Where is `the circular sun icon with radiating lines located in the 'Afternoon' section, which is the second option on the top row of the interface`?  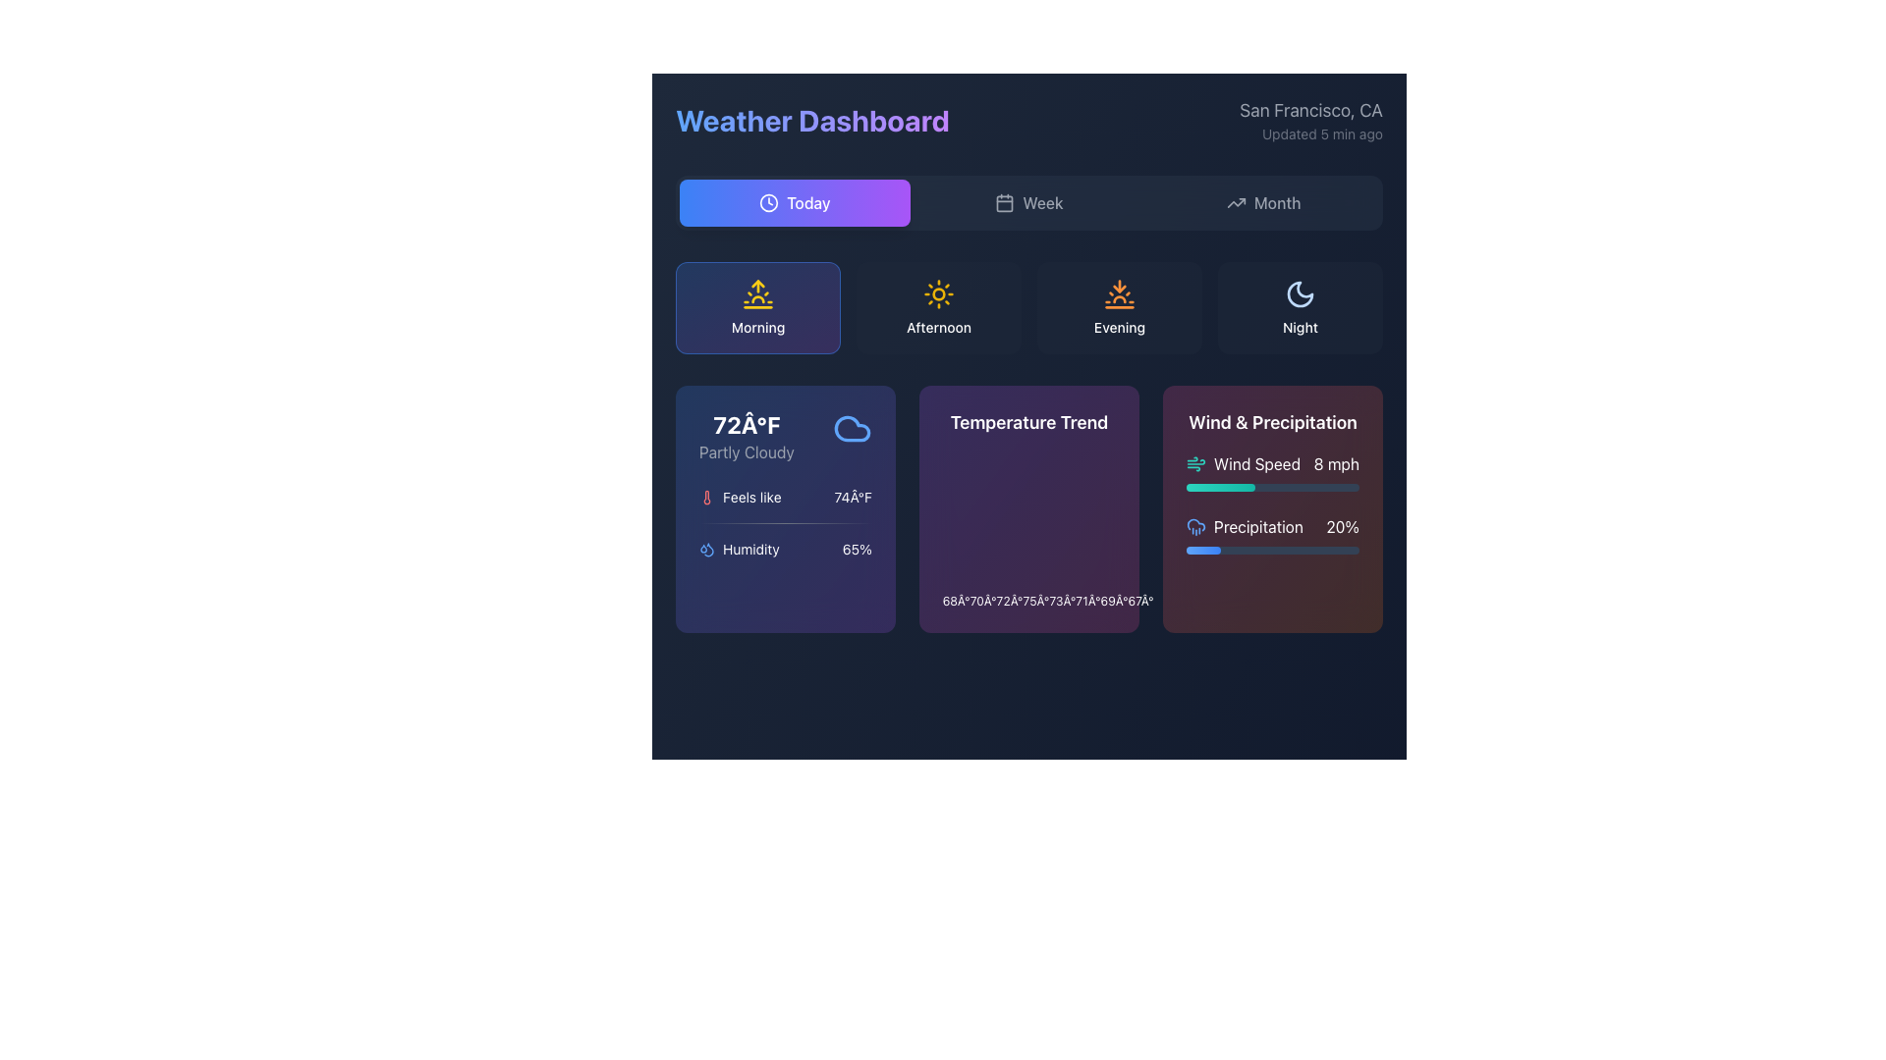
the circular sun icon with radiating lines located in the 'Afternoon' section, which is the second option on the top row of the interface is located at coordinates (937, 294).